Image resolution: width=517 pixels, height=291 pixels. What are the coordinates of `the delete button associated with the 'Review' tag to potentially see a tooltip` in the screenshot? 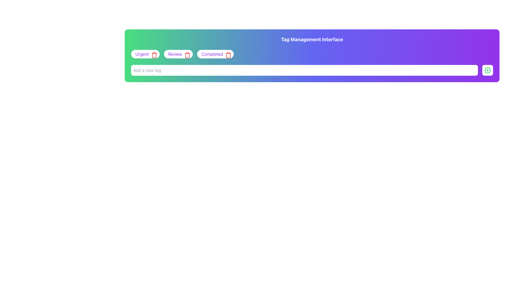 It's located at (187, 55).